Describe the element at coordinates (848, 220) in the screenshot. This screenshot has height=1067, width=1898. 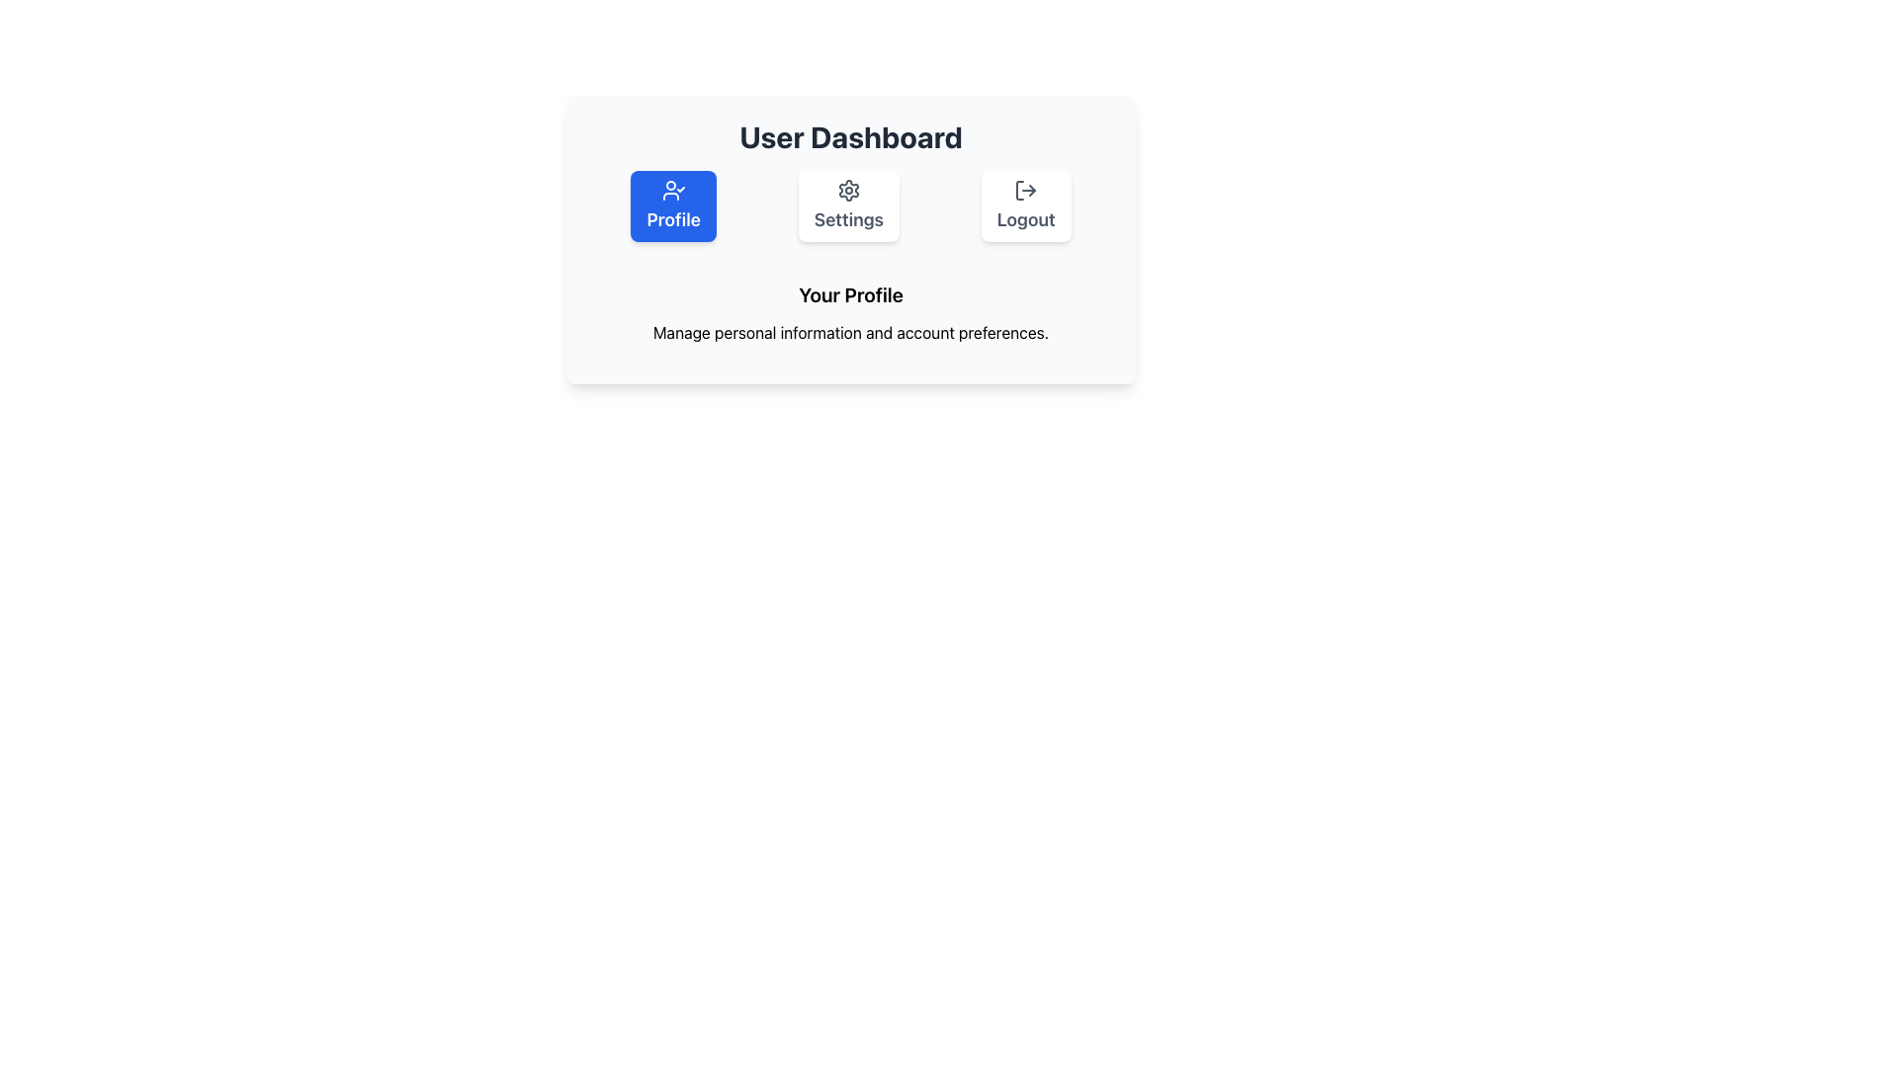
I see `the 'Settings' text label, which is located below the gear icon in the button group of the dashboard interface` at that location.